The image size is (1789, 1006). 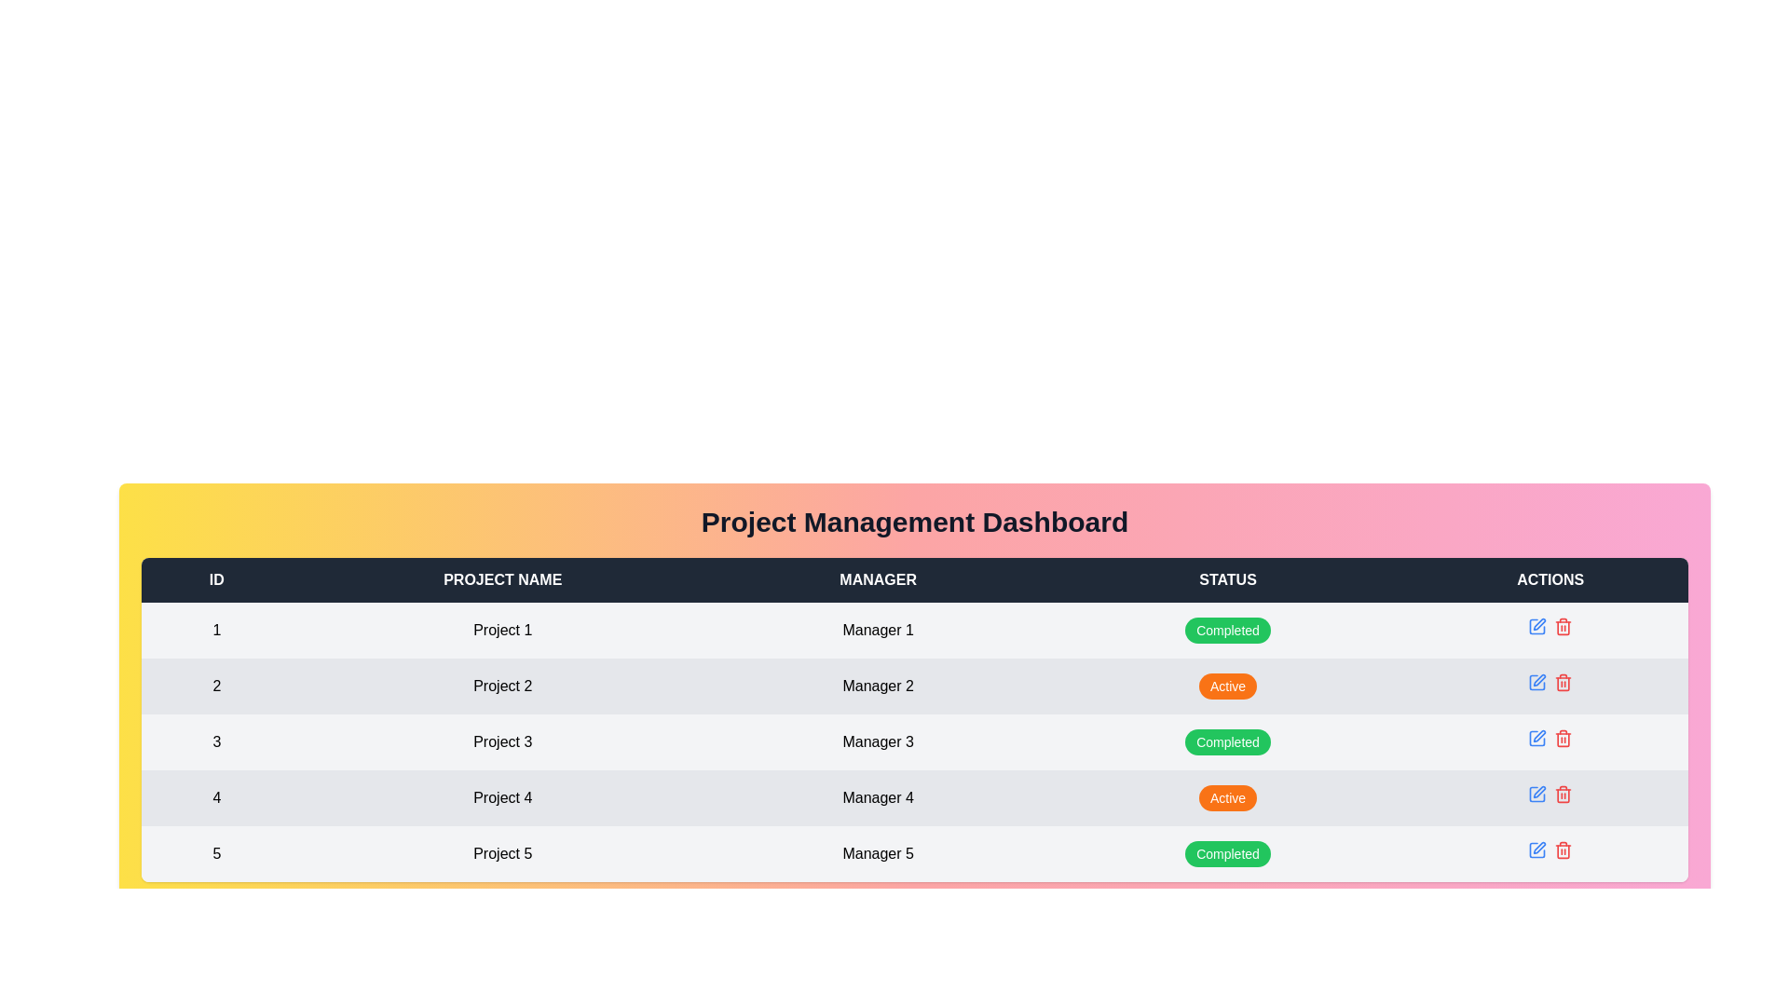 What do you see at coordinates (1228, 686) in the screenshot?
I see `the Status indicator button, which displays 'Active' in white text on an orange background, located in the fourth column of the second row in the table` at bounding box center [1228, 686].